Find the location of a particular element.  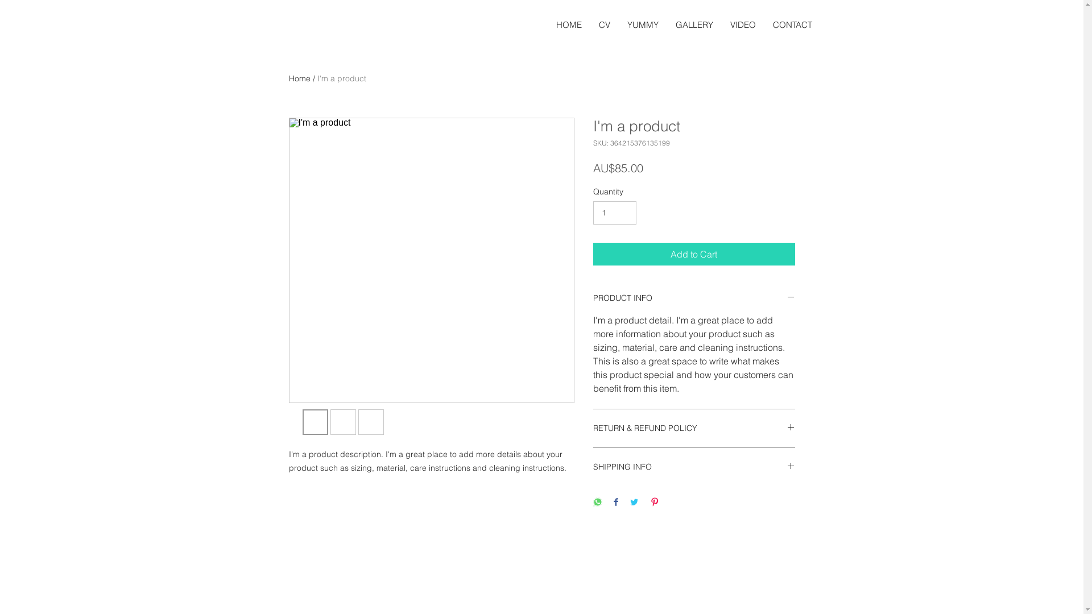

'VIDEO' is located at coordinates (742, 24).